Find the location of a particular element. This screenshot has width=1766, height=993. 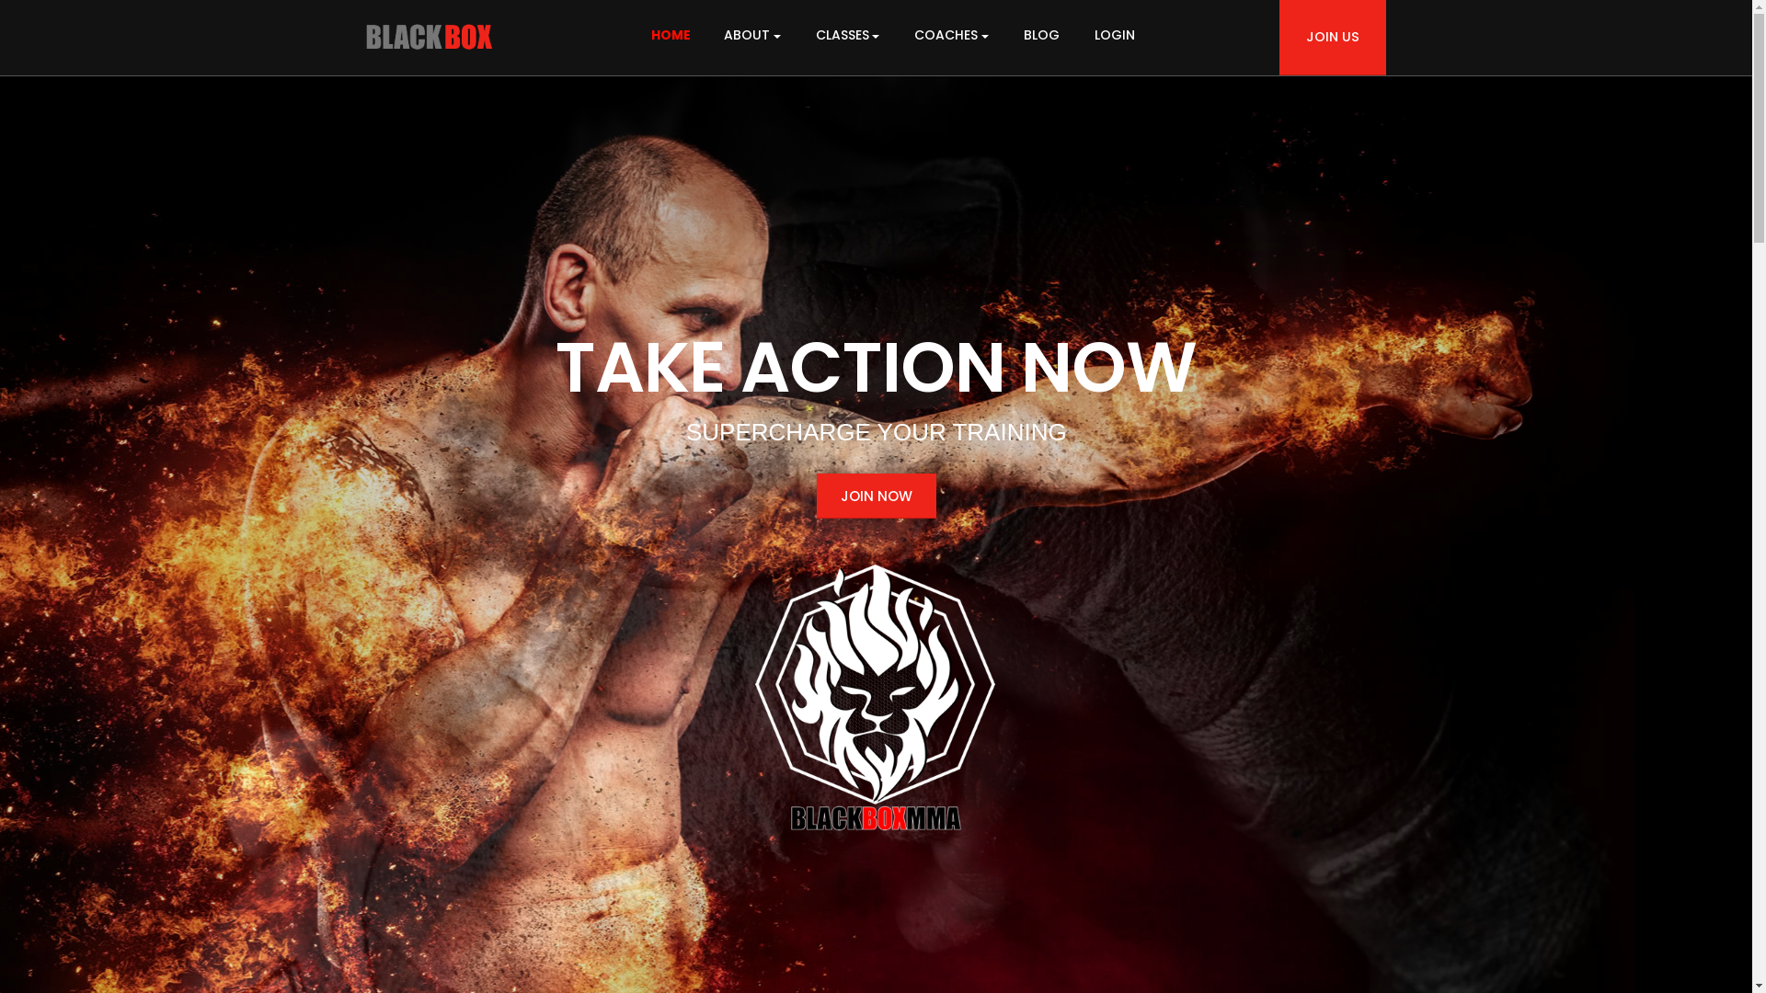

'JOIN NOW' is located at coordinates (876, 495).